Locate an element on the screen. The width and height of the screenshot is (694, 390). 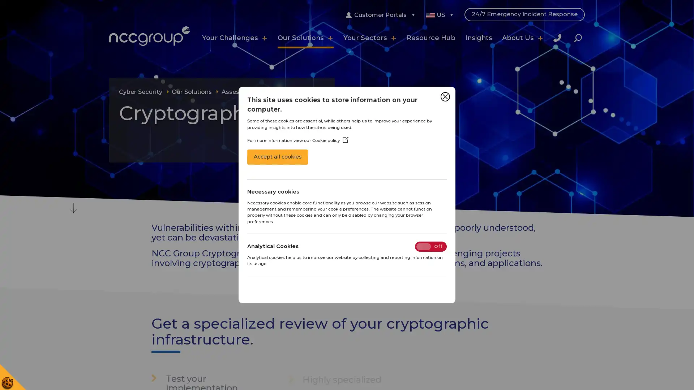
Accept all cookies is located at coordinates (277, 156).